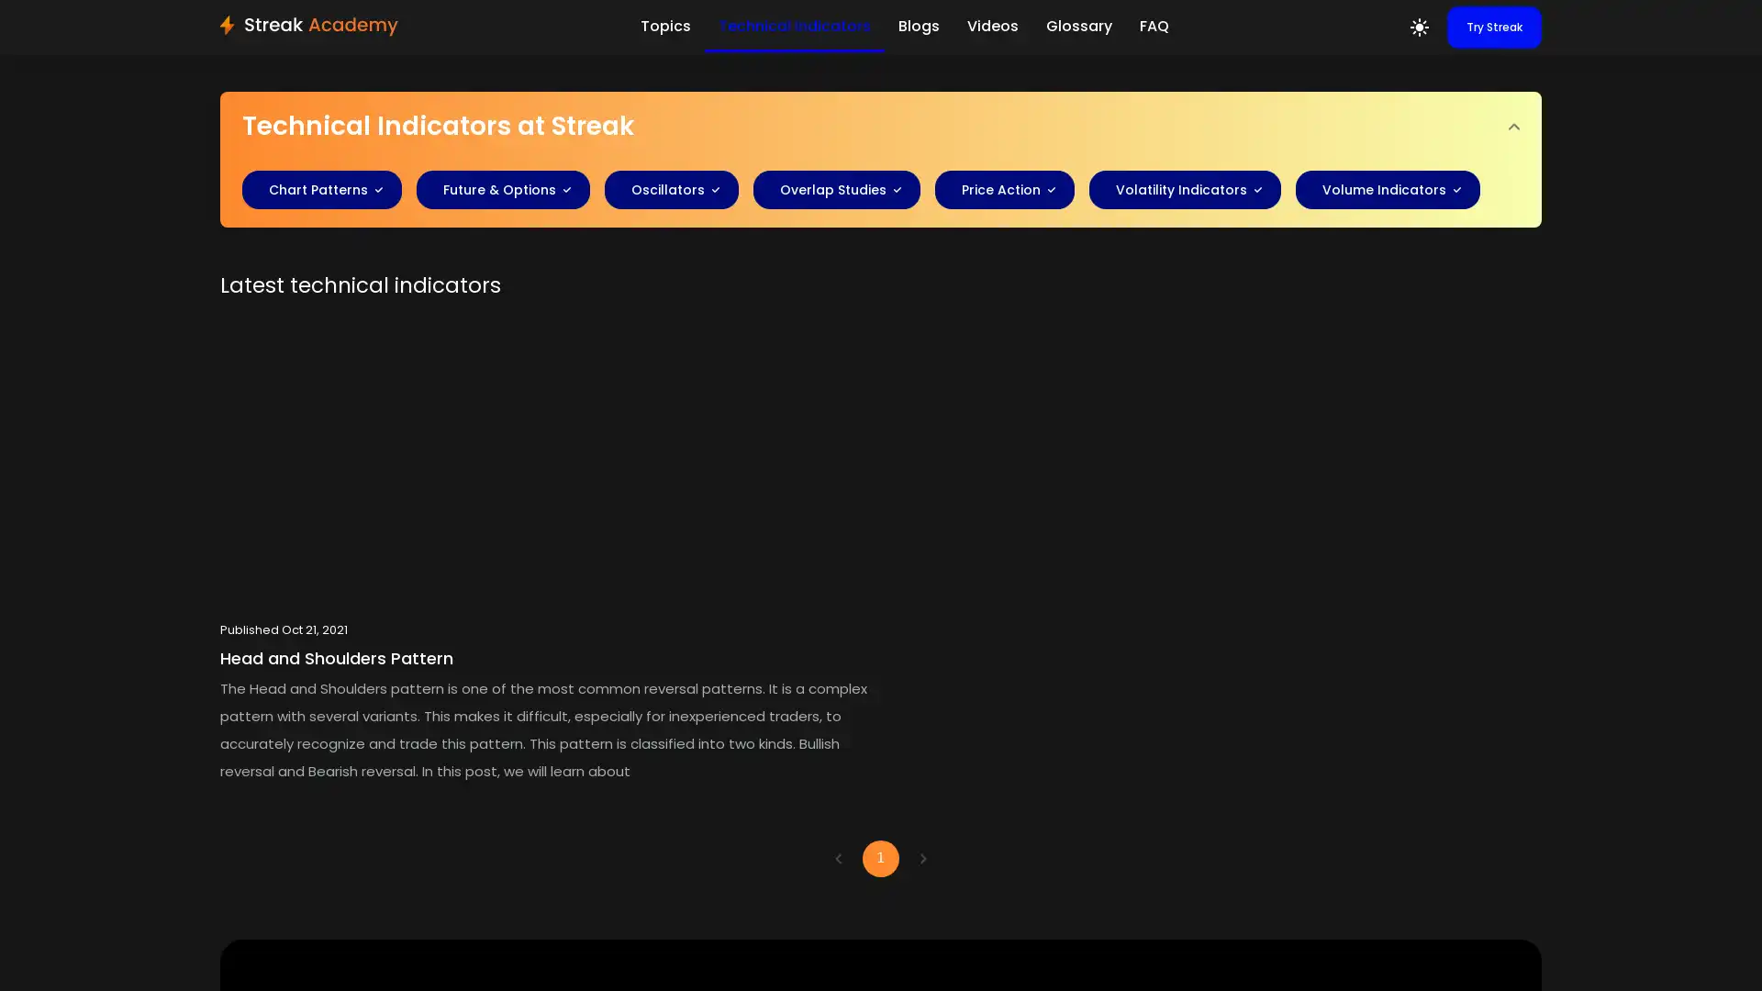 Image resolution: width=1762 pixels, height=991 pixels. What do you see at coordinates (664, 190) in the screenshot?
I see `Oscillators` at bounding box center [664, 190].